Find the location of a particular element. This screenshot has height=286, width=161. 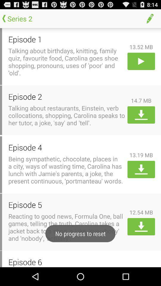

being sympathetic chocolate app is located at coordinates (66, 170).